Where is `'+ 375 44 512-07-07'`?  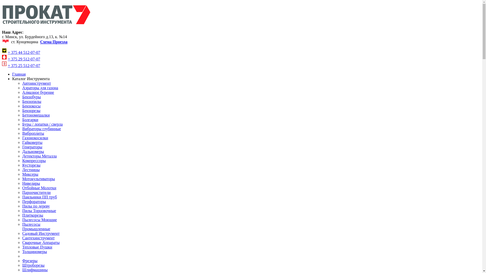
'+ 375 44 512-07-07' is located at coordinates (8, 52).